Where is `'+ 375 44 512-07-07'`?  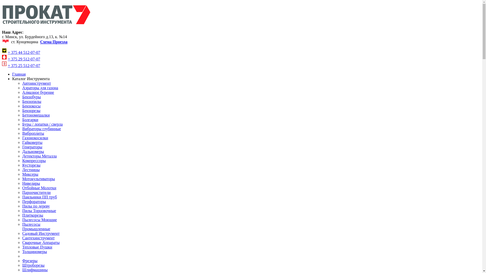
'+ 375 44 512-07-07' is located at coordinates (8, 52).